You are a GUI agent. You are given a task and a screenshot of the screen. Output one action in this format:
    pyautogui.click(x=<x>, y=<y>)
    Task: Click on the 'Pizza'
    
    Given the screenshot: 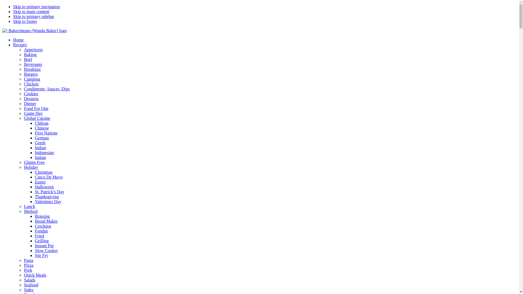 What is the action you would take?
    pyautogui.click(x=28, y=265)
    